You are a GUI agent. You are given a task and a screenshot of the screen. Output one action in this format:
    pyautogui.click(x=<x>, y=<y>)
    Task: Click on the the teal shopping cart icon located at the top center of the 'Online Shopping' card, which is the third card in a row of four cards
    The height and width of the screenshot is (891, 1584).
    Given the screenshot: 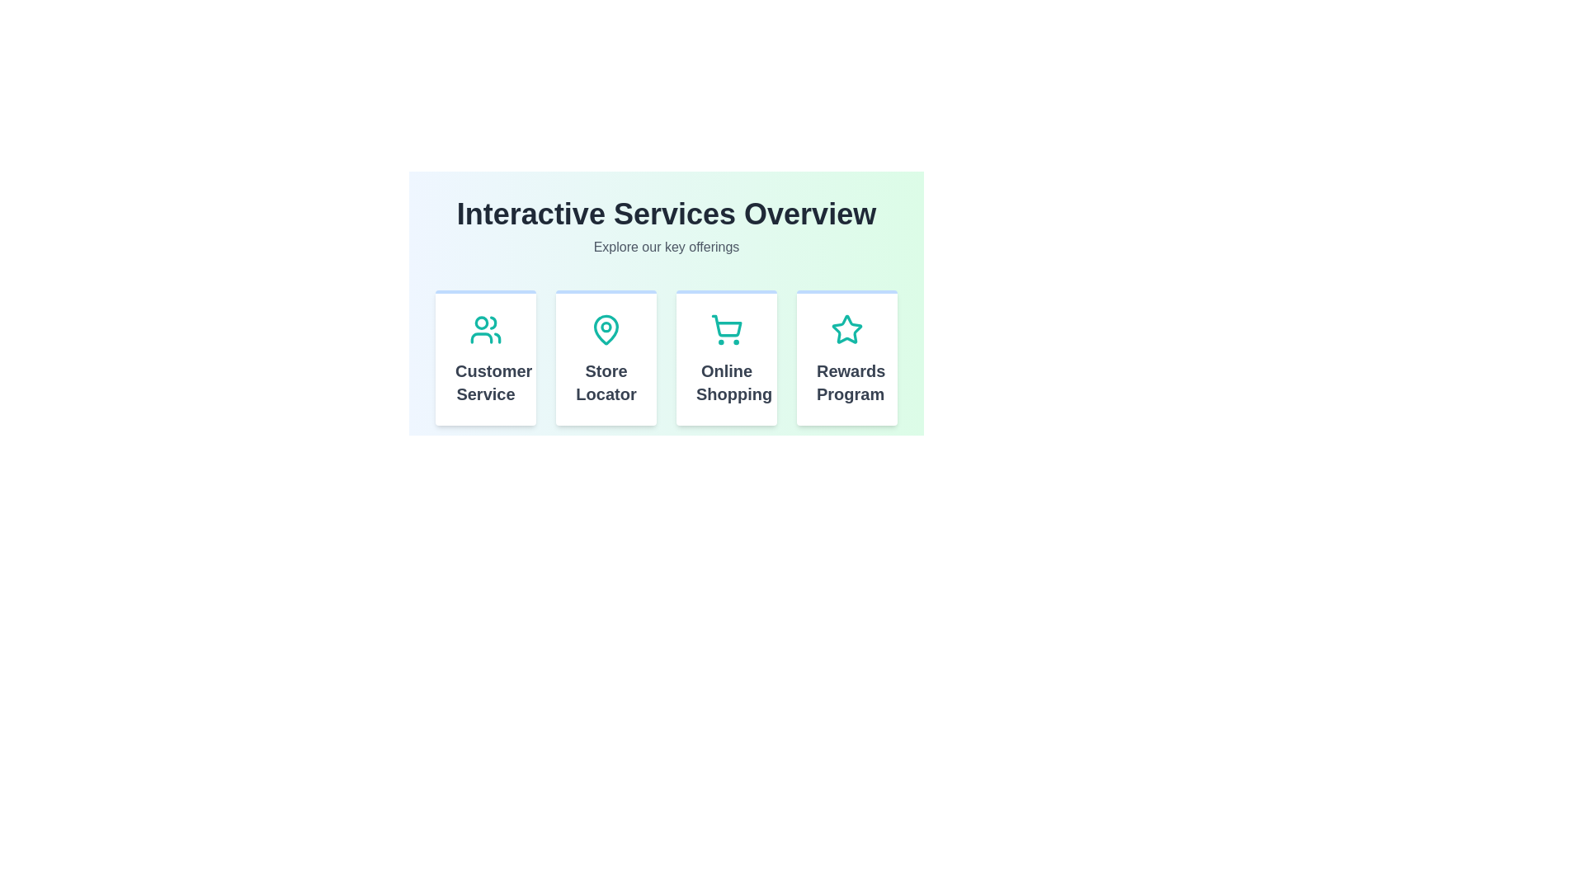 What is the action you would take?
    pyautogui.click(x=726, y=330)
    